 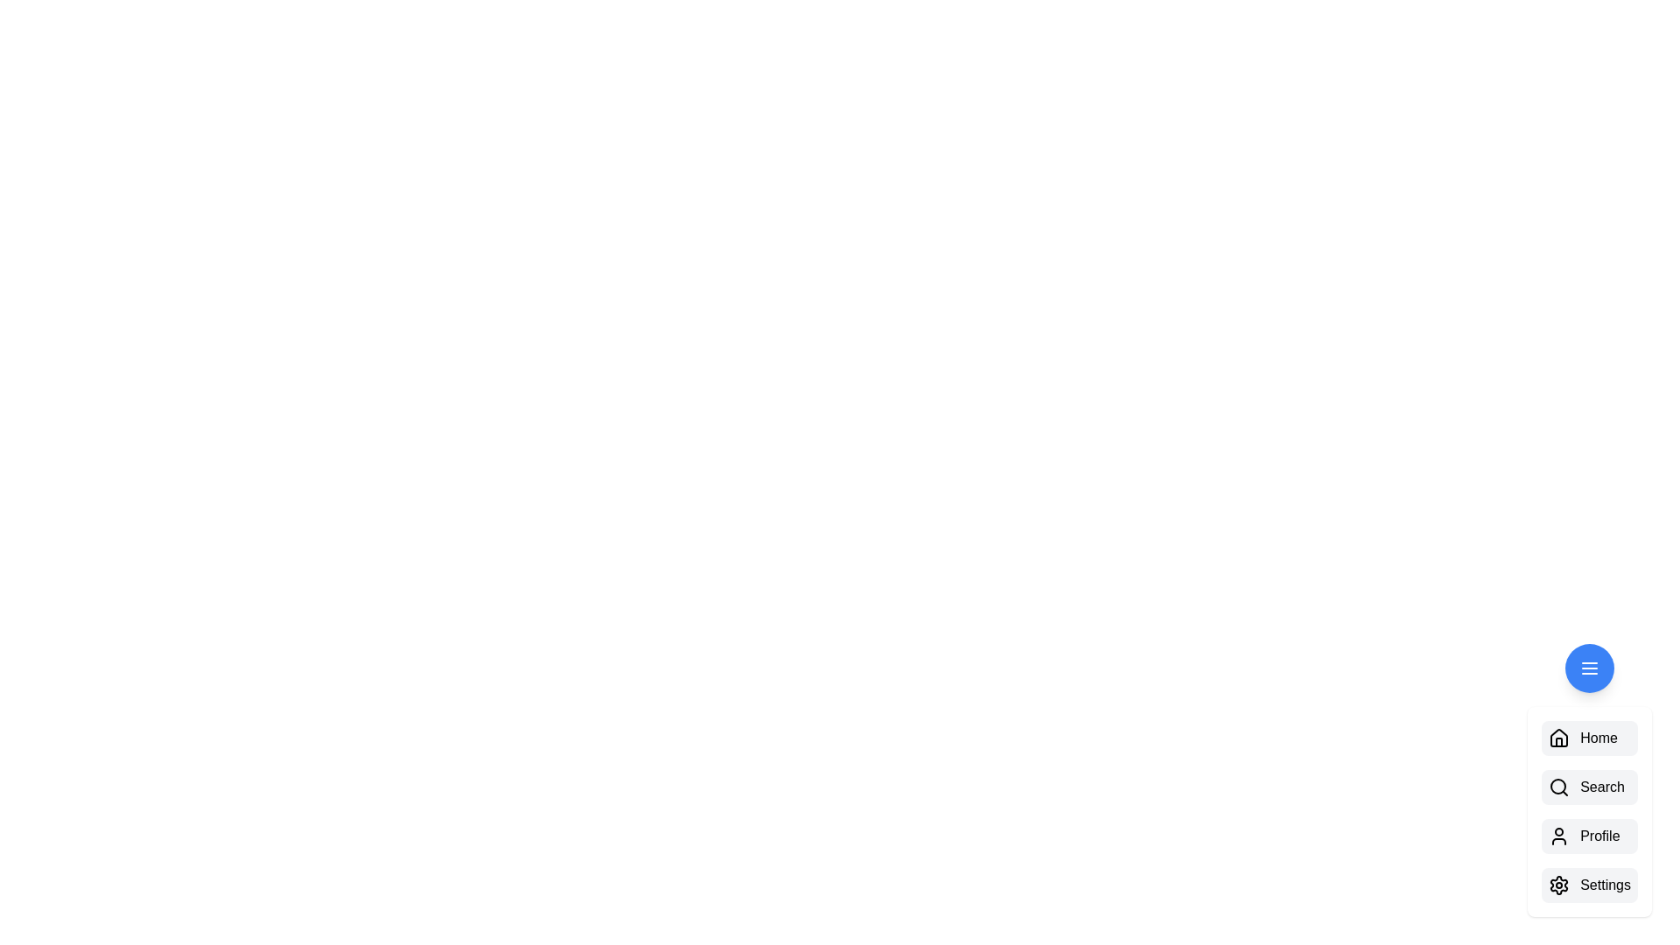 I want to click on the 'Settings' button in the menu, so click(x=1606, y=885).